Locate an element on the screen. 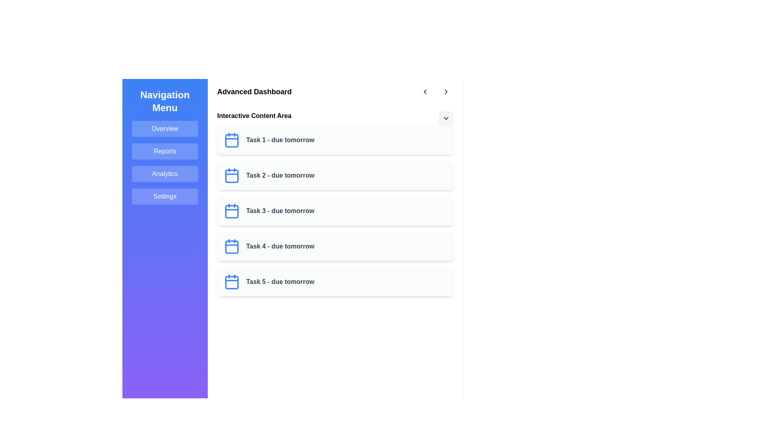 The image size is (773, 435). the circular button with a right-facing chevron icon, which is the second button on the right side of the header is located at coordinates (446, 91).